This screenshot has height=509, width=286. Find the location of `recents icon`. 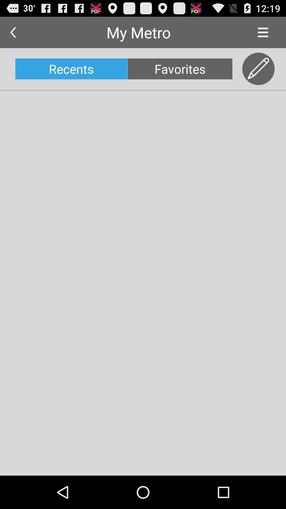

recents icon is located at coordinates (71, 68).